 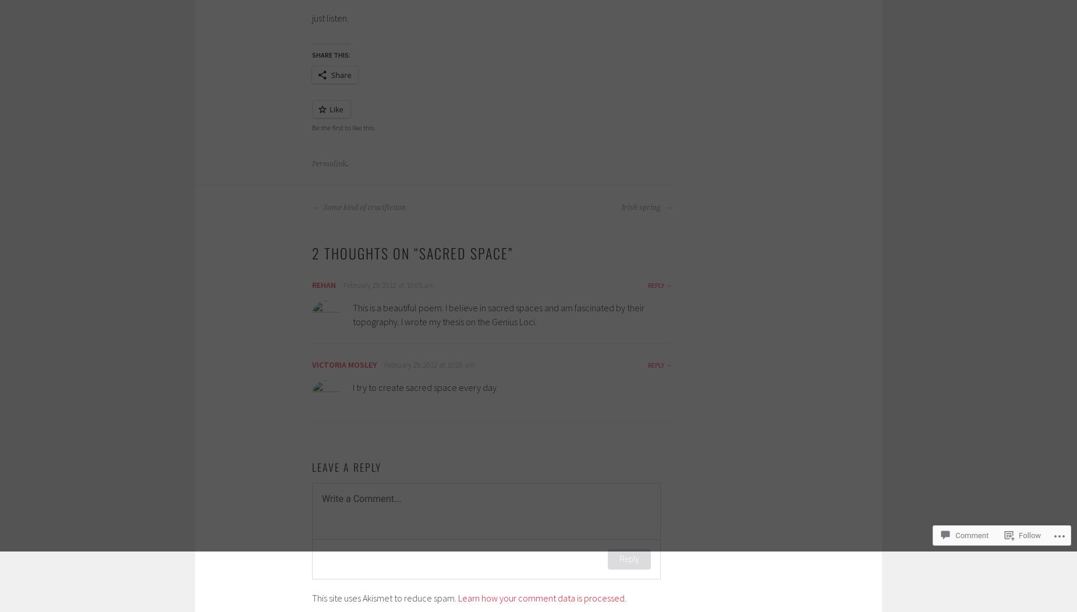 I want to click on 'Comment', so click(x=972, y=535).